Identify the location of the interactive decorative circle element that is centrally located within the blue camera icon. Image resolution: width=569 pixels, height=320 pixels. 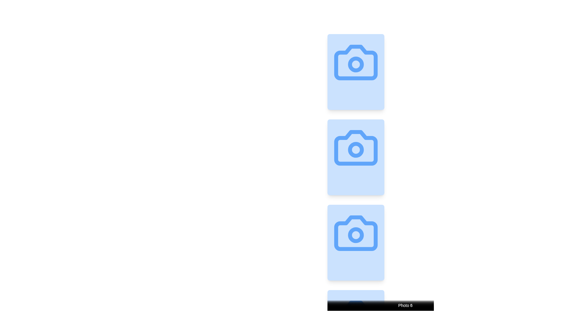
(356, 64).